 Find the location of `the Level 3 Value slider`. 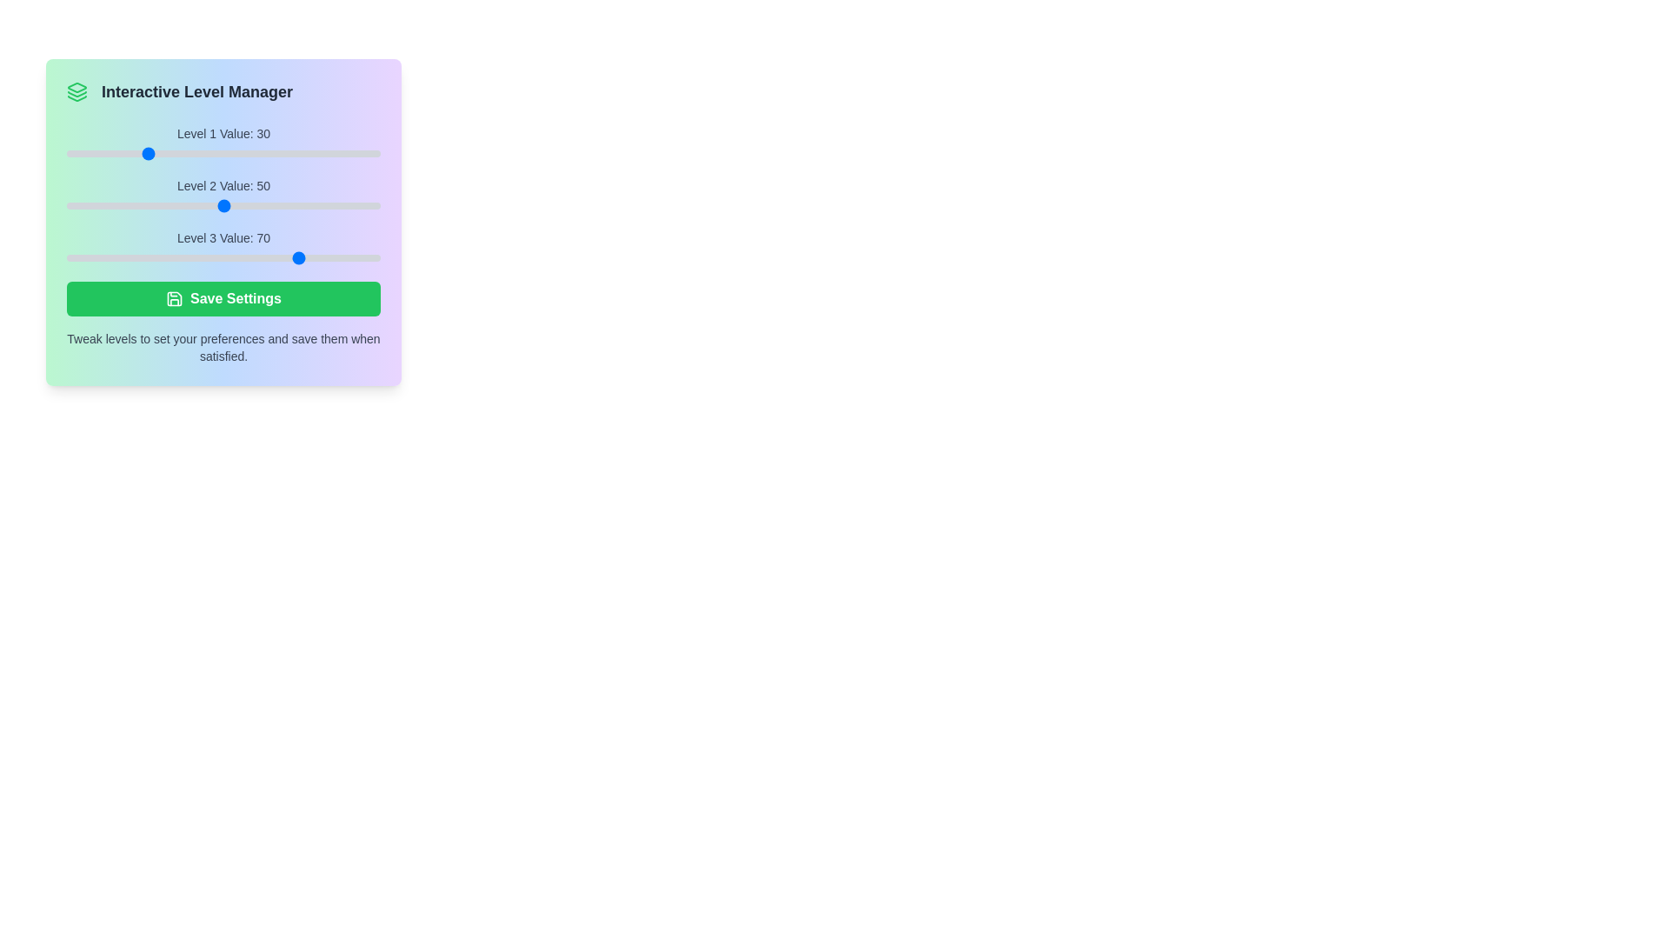

the Level 3 Value slider is located at coordinates (306, 258).